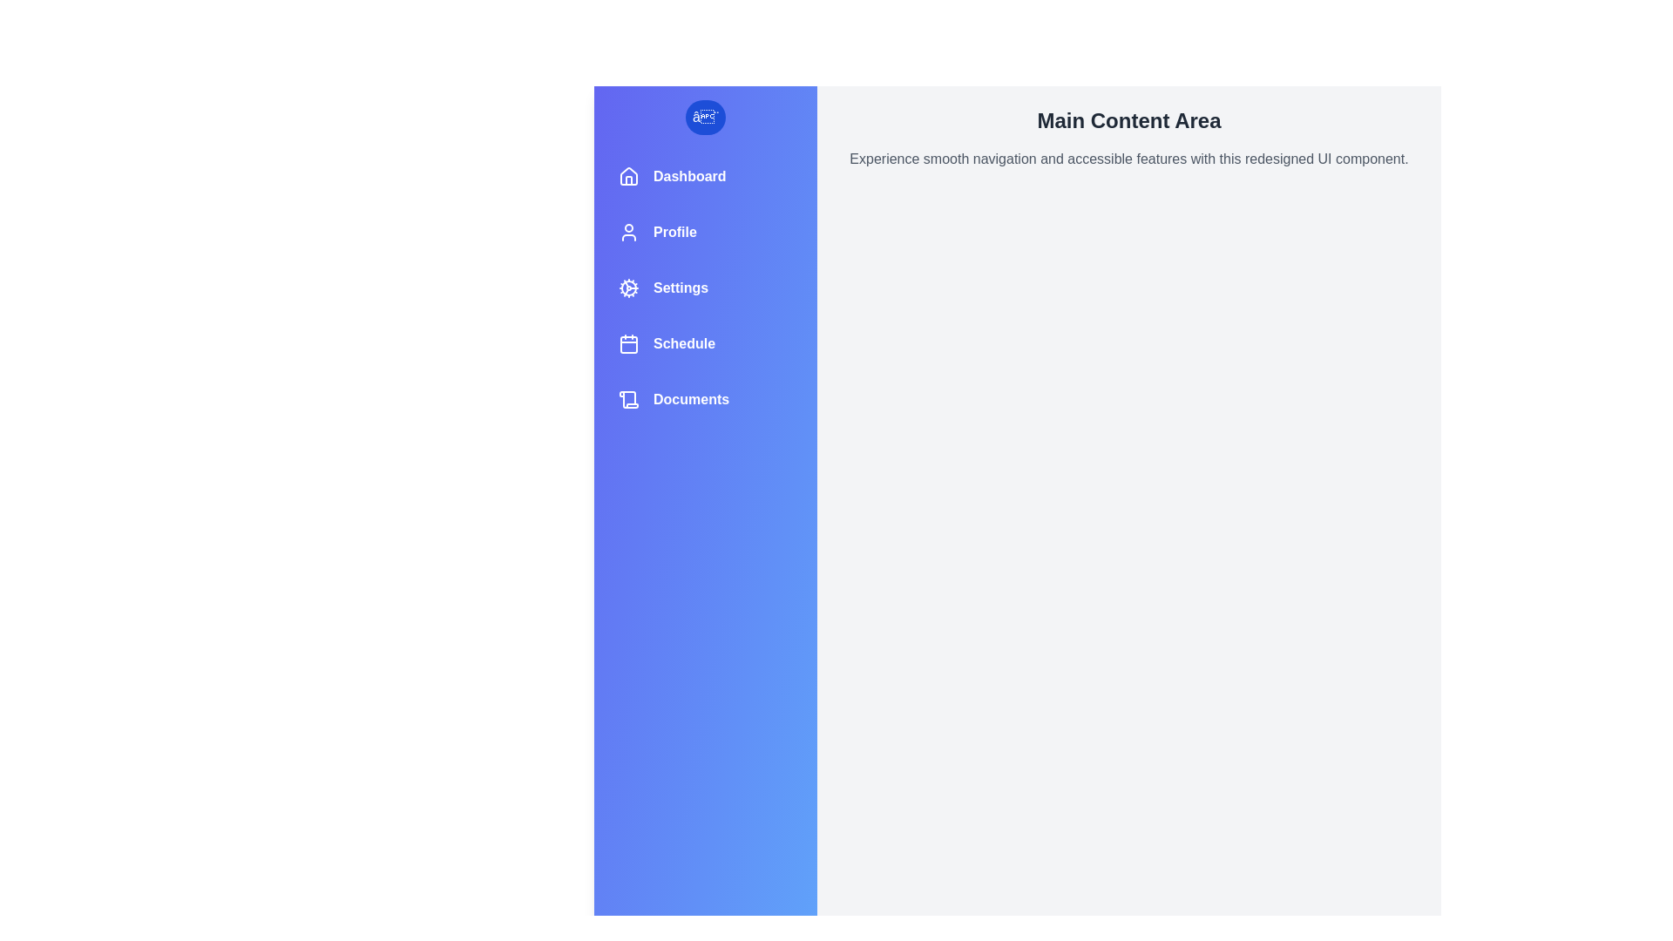  What do you see at coordinates (706, 400) in the screenshot?
I see `the navigation item labeled 'Documents' to observe the hover effect` at bounding box center [706, 400].